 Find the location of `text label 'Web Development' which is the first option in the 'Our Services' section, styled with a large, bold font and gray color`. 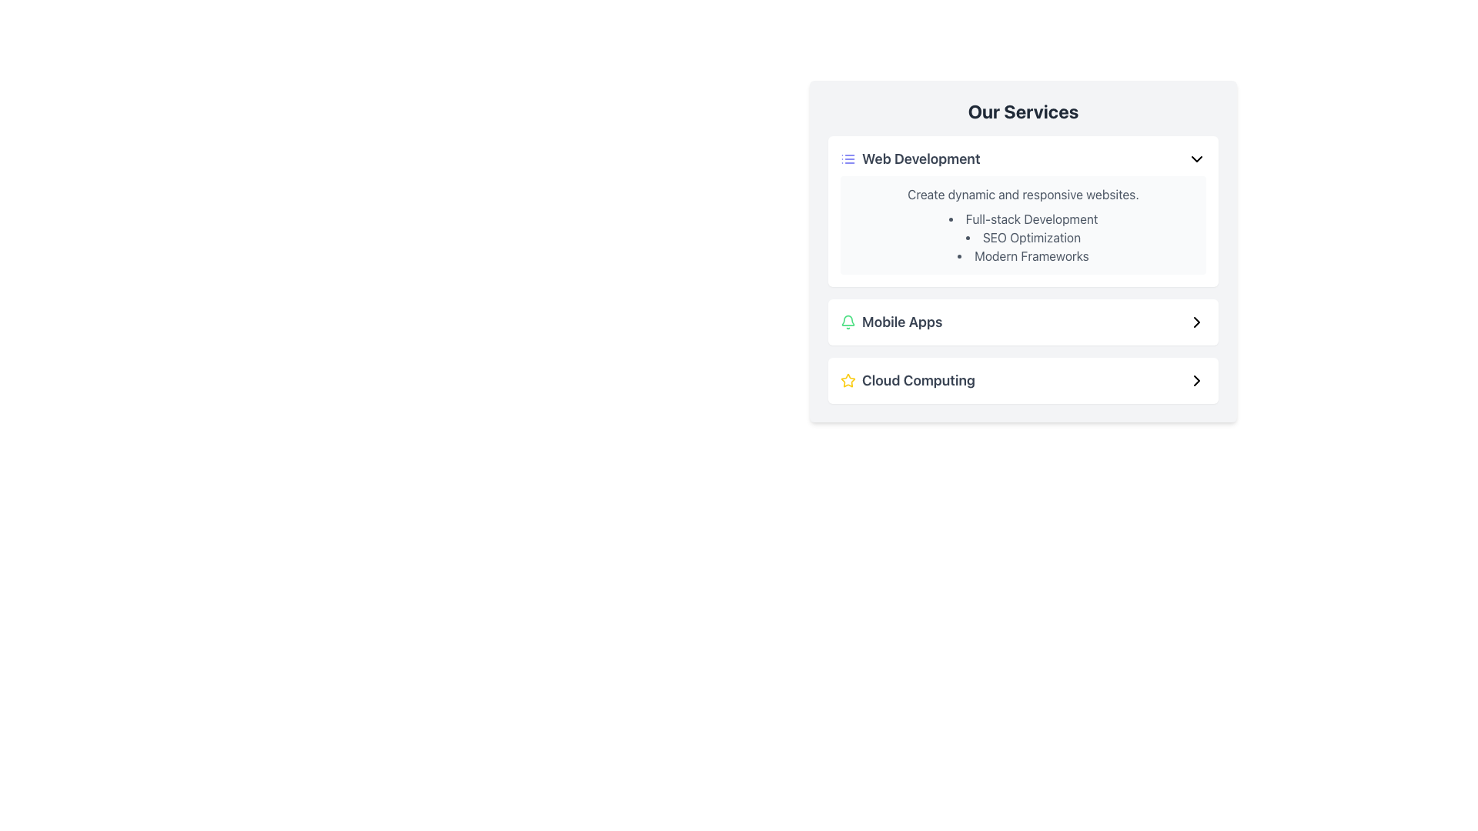

text label 'Web Development' which is the first option in the 'Our Services' section, styled with a large, bold font and gray color is located at coordinates (921, 159).